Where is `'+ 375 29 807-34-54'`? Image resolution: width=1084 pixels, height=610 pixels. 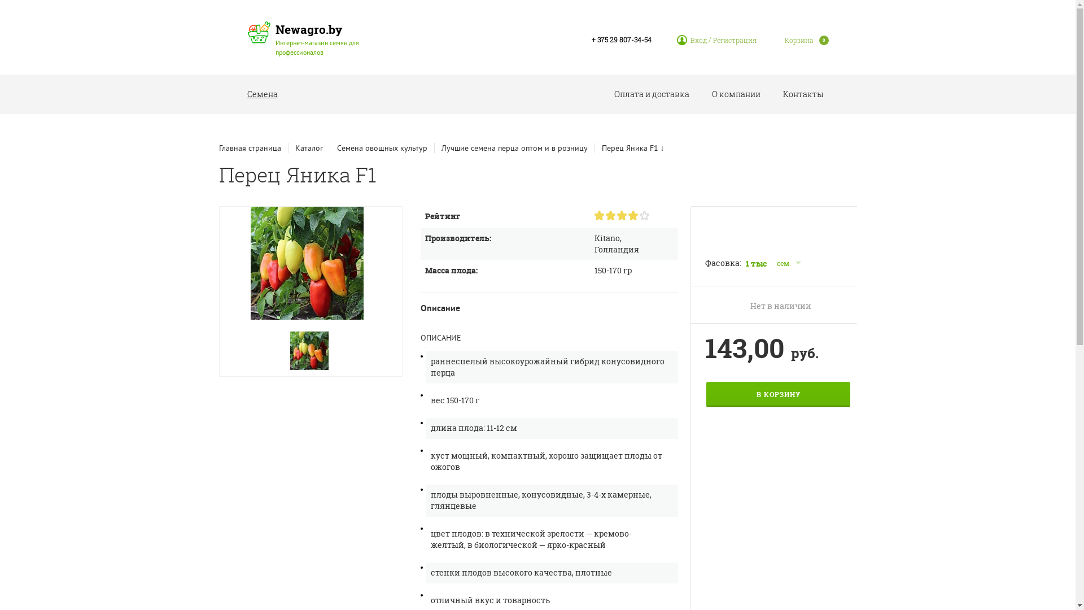
'+ 375 29 807-34-54' is located at coordinates (591, 38).